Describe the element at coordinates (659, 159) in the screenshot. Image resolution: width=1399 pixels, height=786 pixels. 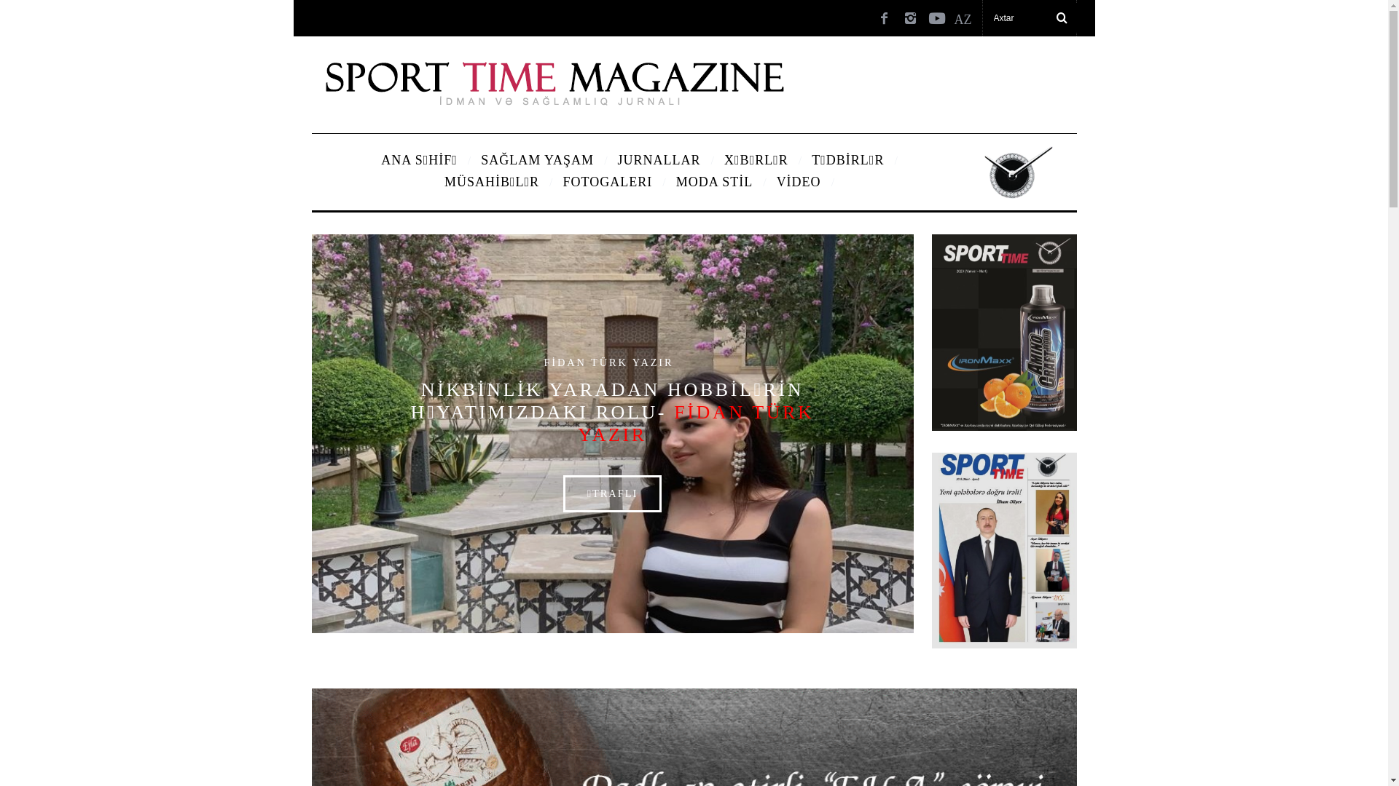
I see `'JURNALLAR'` at that location.